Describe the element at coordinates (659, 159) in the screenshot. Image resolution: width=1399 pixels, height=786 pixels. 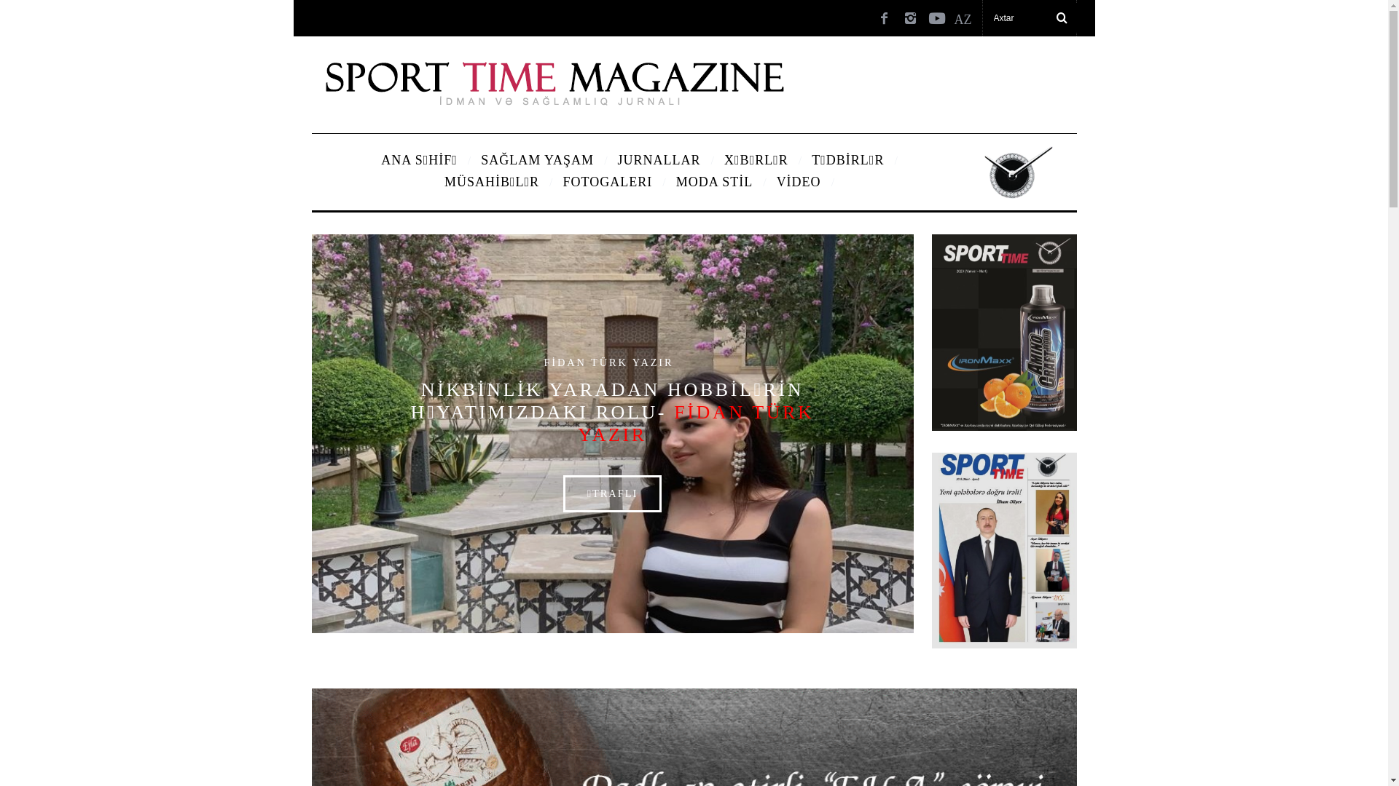
I see `'JURNALLAR'` at that location.